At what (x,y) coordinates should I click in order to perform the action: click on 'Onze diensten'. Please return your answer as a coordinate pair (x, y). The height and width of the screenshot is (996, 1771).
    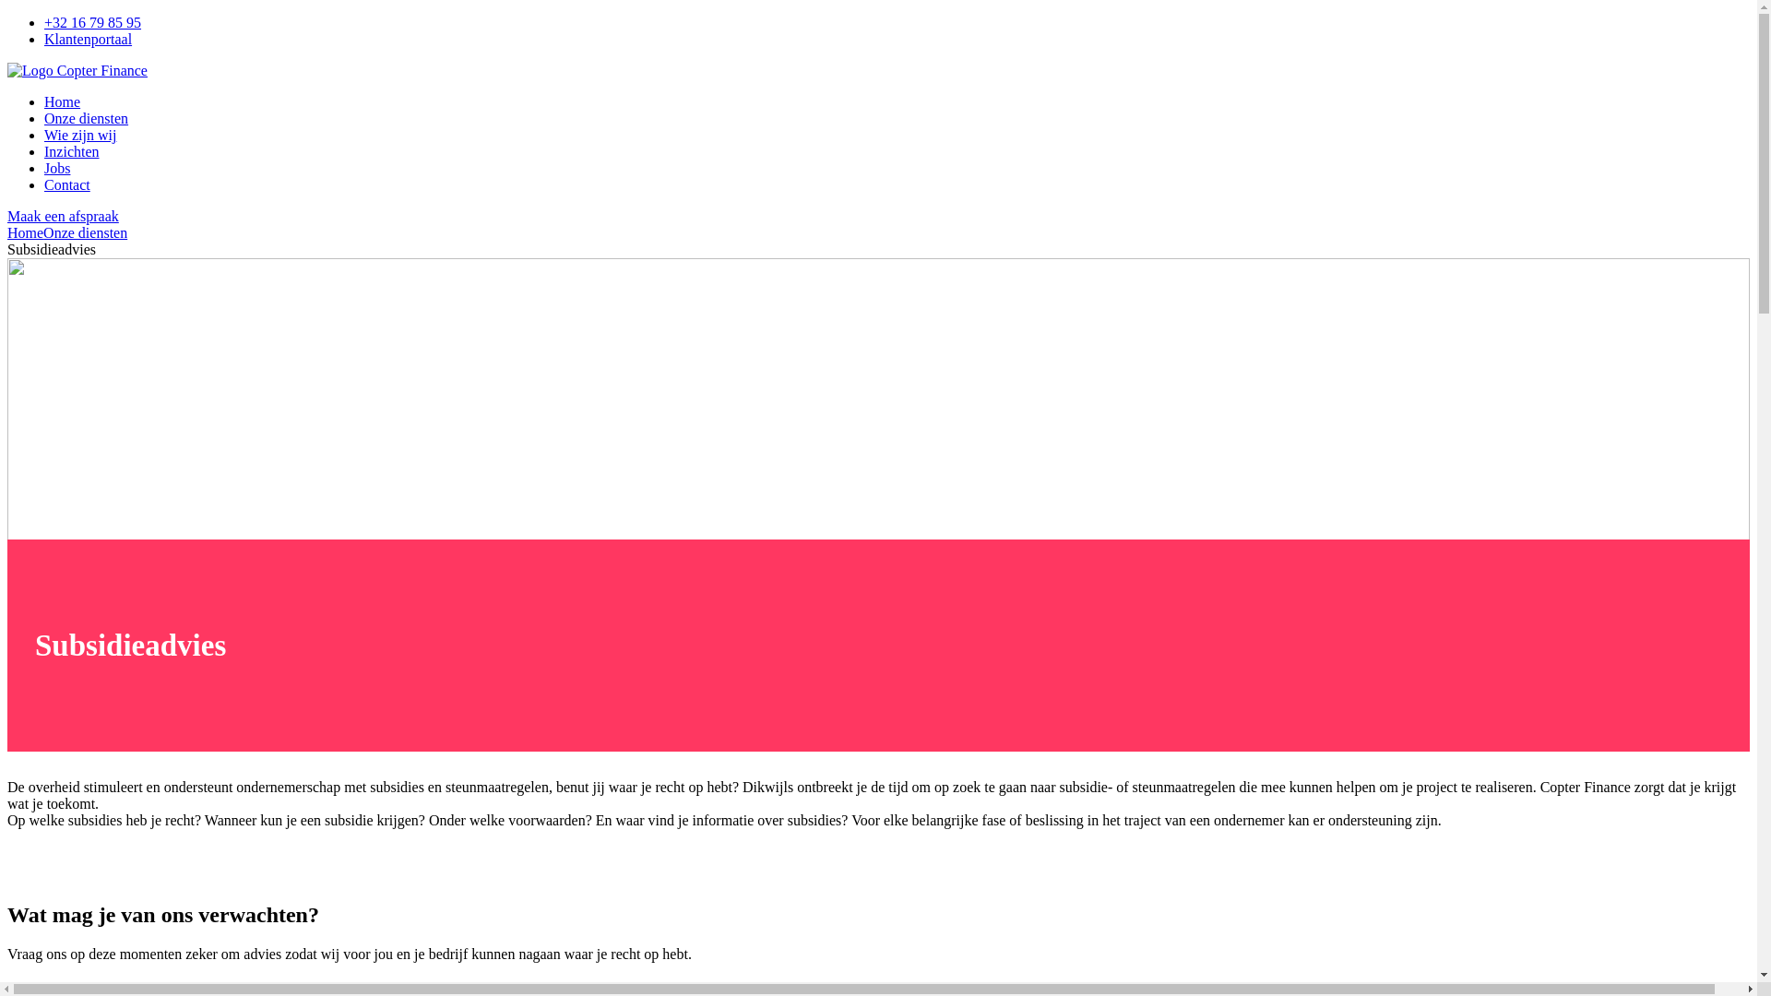
    Looking at the image, I should click on (84, 231).